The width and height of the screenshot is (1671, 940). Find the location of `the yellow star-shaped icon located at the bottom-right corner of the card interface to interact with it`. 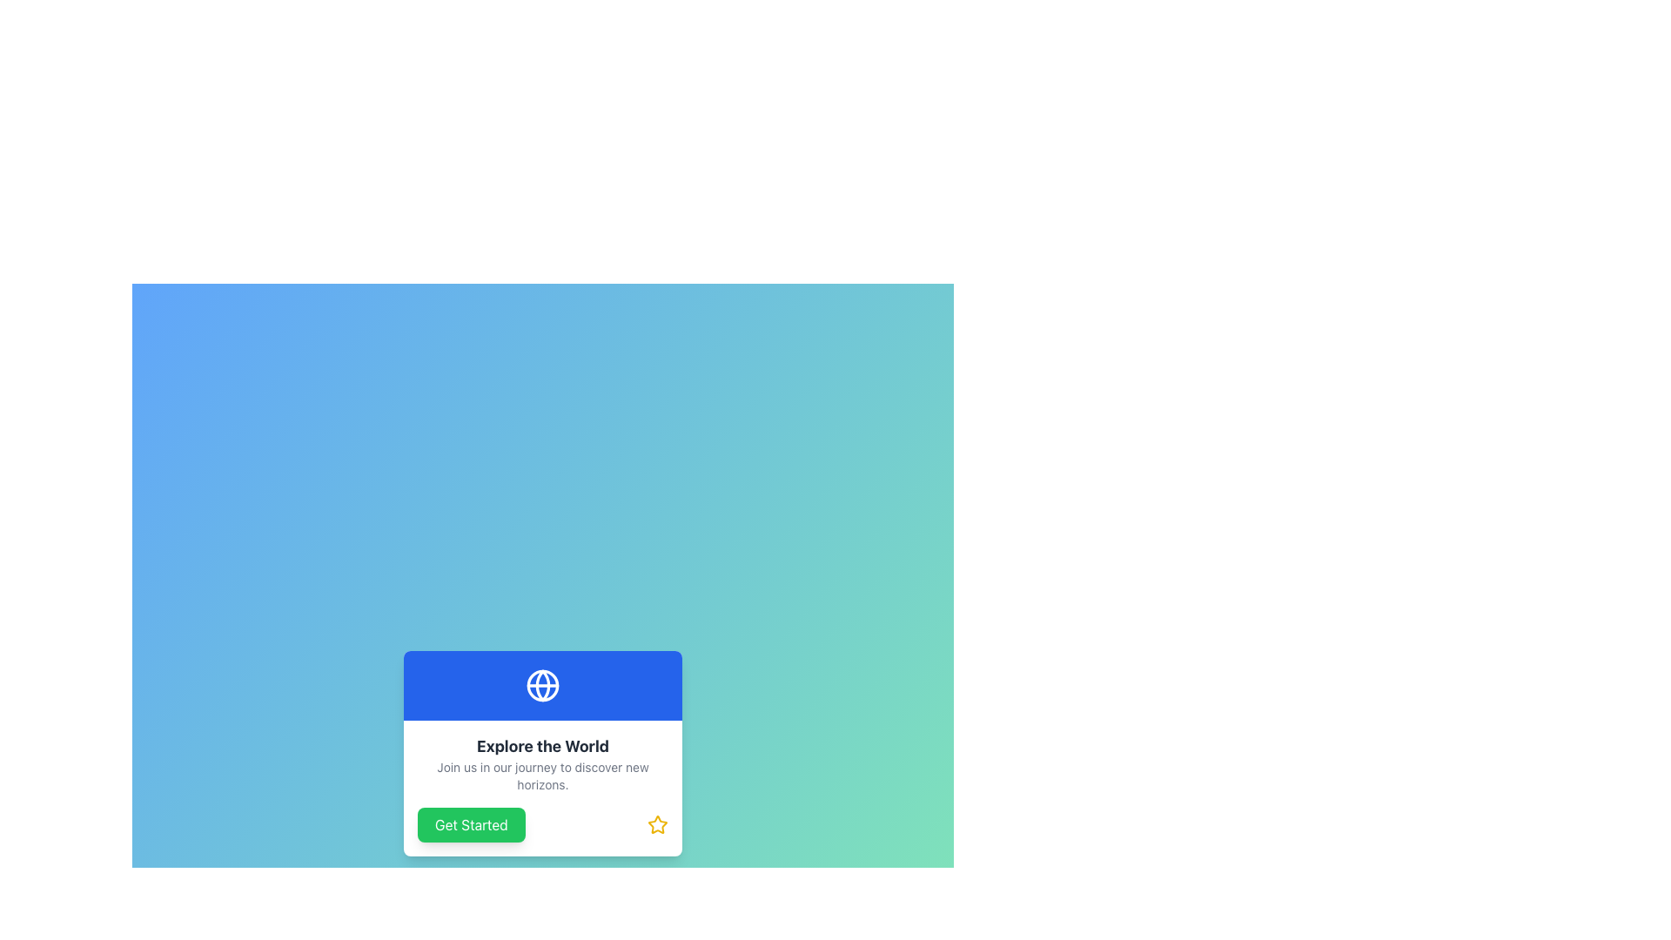

the yellow star-shaped icon located at the bottom-right corner of the card interface to interact with it is located at coordinates (656, 824).